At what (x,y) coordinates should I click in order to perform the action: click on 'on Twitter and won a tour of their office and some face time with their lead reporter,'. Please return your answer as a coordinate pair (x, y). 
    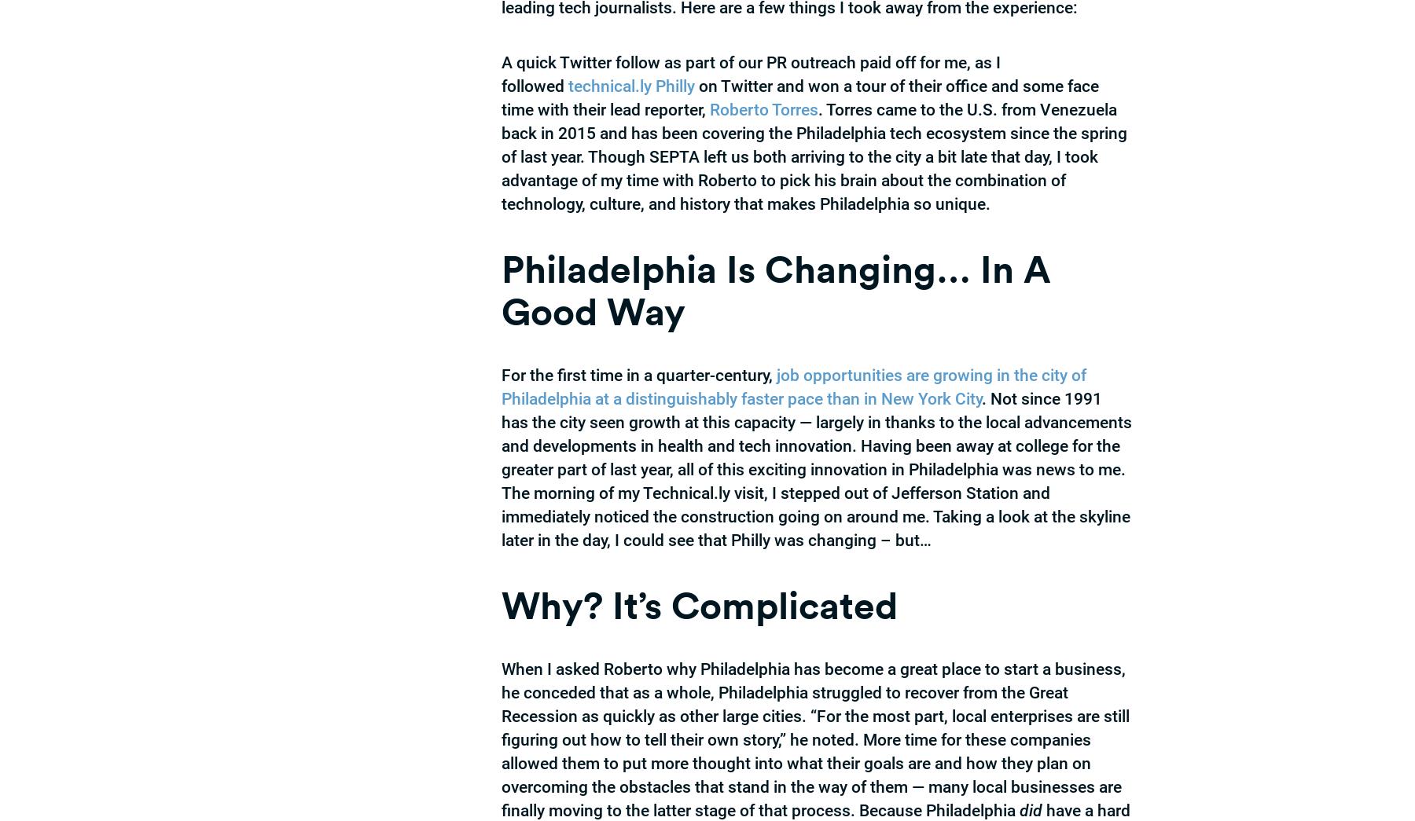
    Looking at the image, I should click on (501, 97).